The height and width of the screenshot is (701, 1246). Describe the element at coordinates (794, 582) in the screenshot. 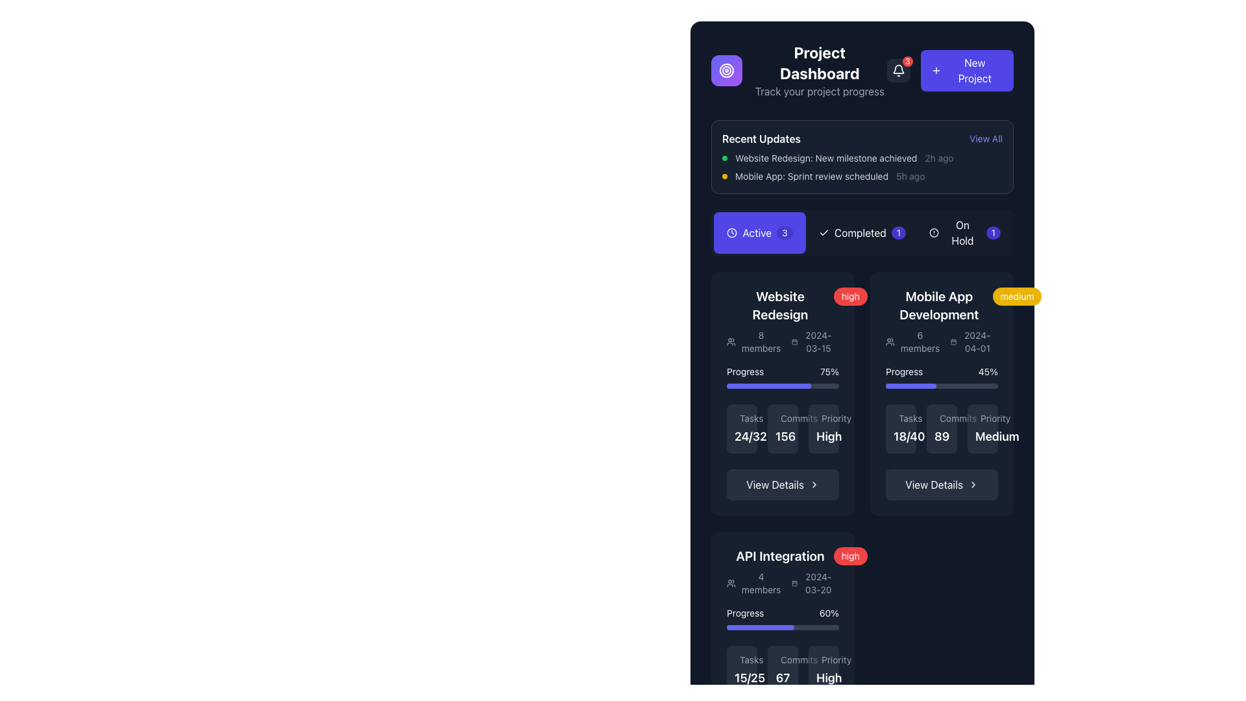

I see `the calendar icon located in the 'API Integration' section, which is positioned to the left of the date '2024-03-20' in the lower panel of the dashboard UI` at that location.